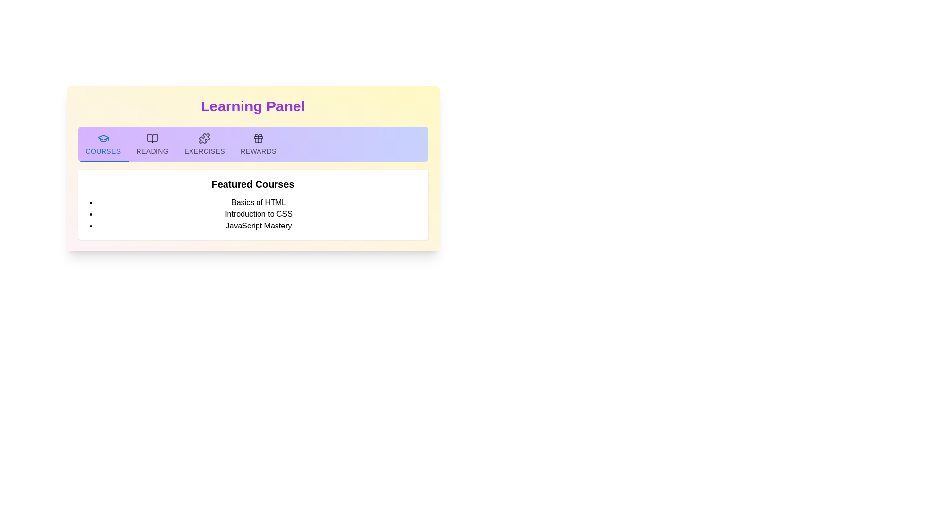 The height and width of the screenshot is (525, 933). Describe the element at coordinates (259, 226) in the screenshot. I see `the text item reading 'JavaScript Mastery'` at that location.